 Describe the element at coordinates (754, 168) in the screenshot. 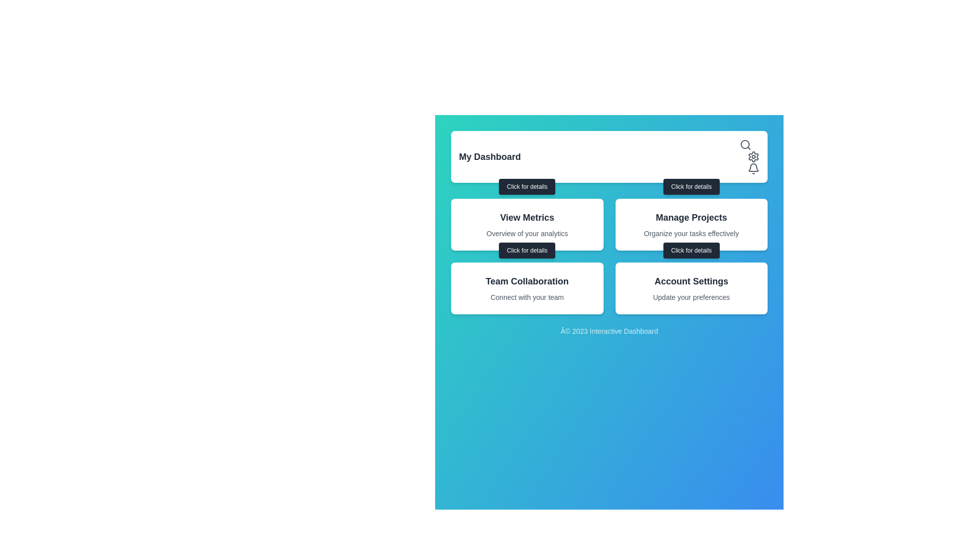

I see `the bell-shaped notification icon in the top-right corner of the navigation bar` at that location.